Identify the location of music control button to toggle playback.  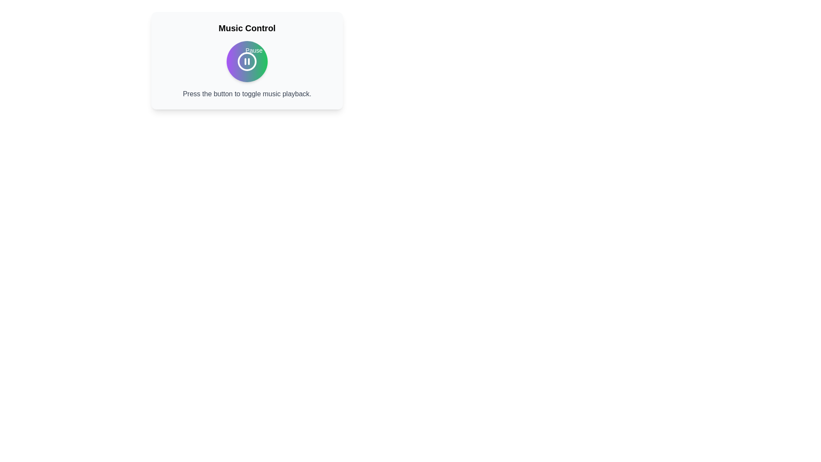
(246, 61).